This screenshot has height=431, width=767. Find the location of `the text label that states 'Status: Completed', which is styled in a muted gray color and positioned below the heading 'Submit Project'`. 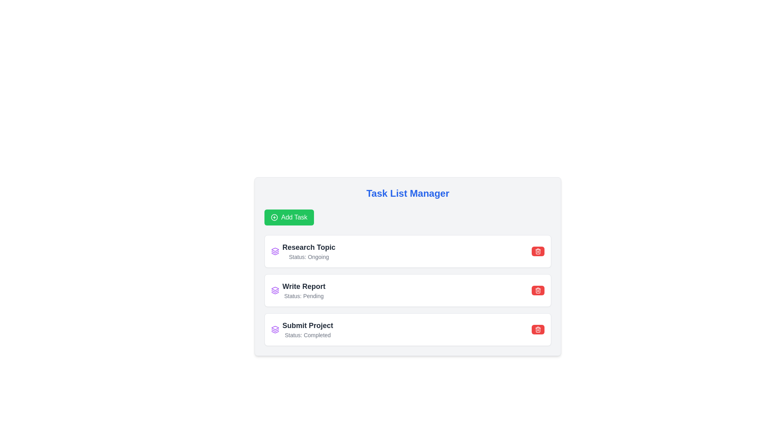

the text label that states 'Status: Completed', which is styled in a muted gray color and positioned below the heading 'Submit Project' is located at coordinates (307, 335).